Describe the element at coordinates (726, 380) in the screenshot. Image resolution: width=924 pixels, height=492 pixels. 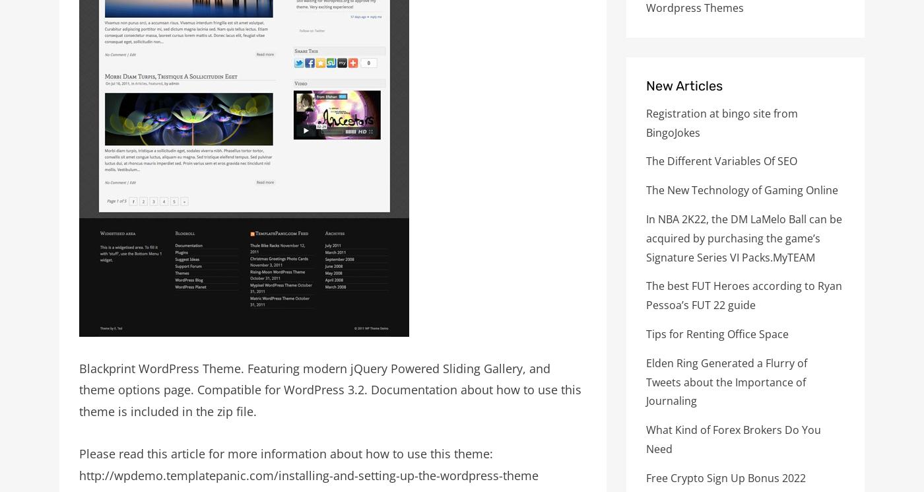
I see `'Elden Ring Generated a Flurry of Tweets about the Importance of Journaling'` at that location.